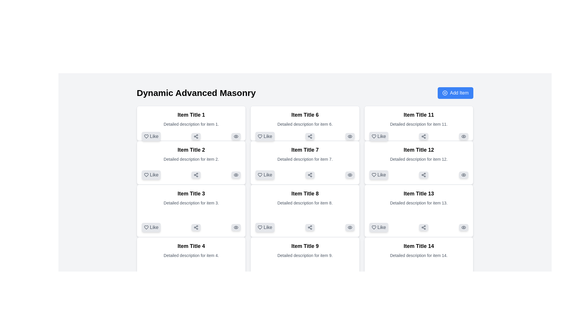  What do you see at coordinates (379, 175) in the screenshot?
I see `the appreciation button located at the bottom-left corner inside the card labeled 'Item Title 12'` at bounding box center [379, 175].